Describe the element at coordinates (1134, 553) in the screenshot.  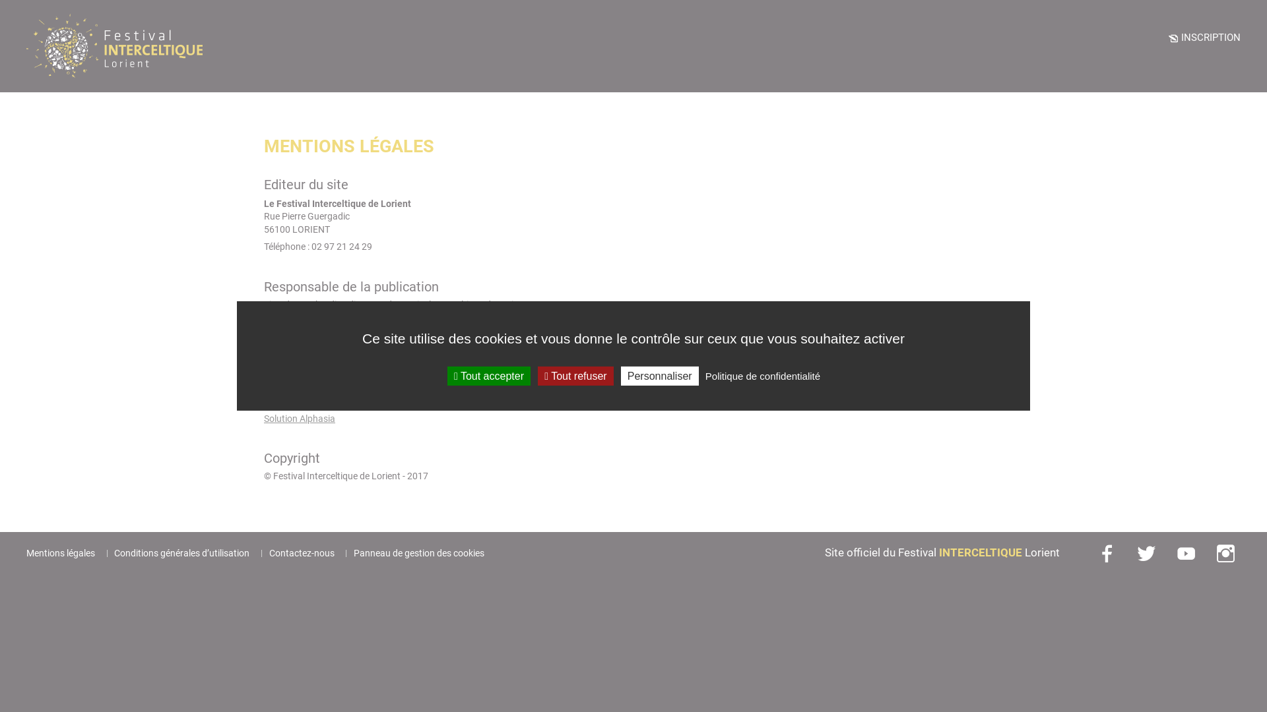
I see `'Twitter'` at that location.